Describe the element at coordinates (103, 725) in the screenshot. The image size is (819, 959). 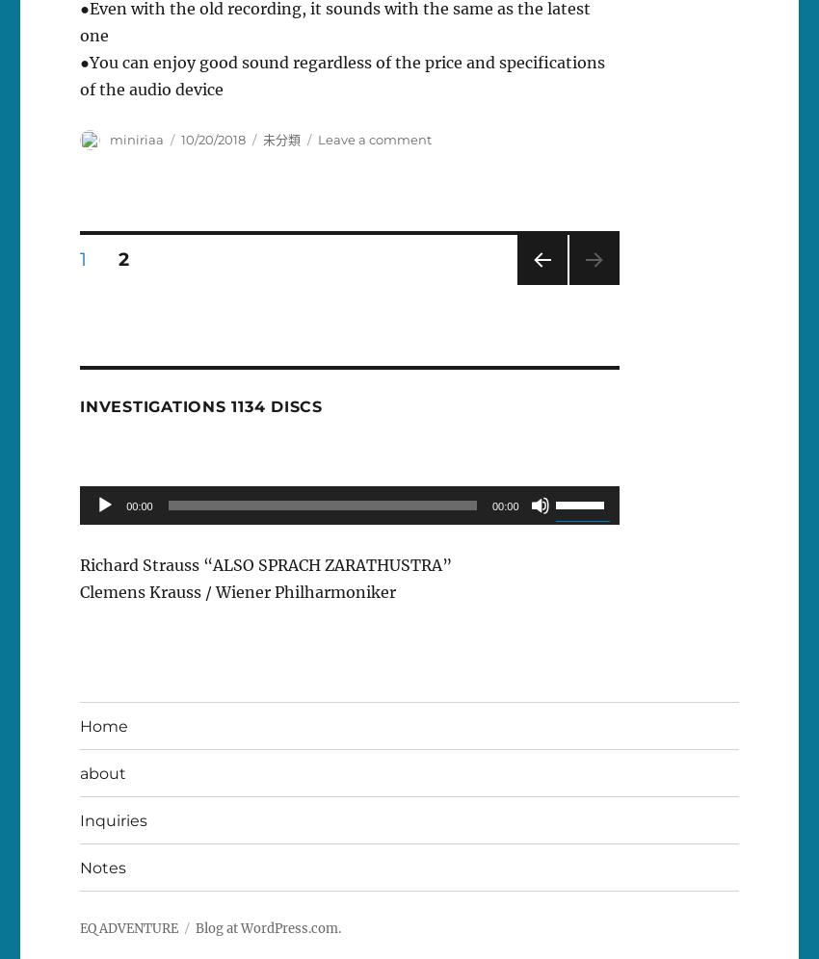
I see `'Home'` at that location.